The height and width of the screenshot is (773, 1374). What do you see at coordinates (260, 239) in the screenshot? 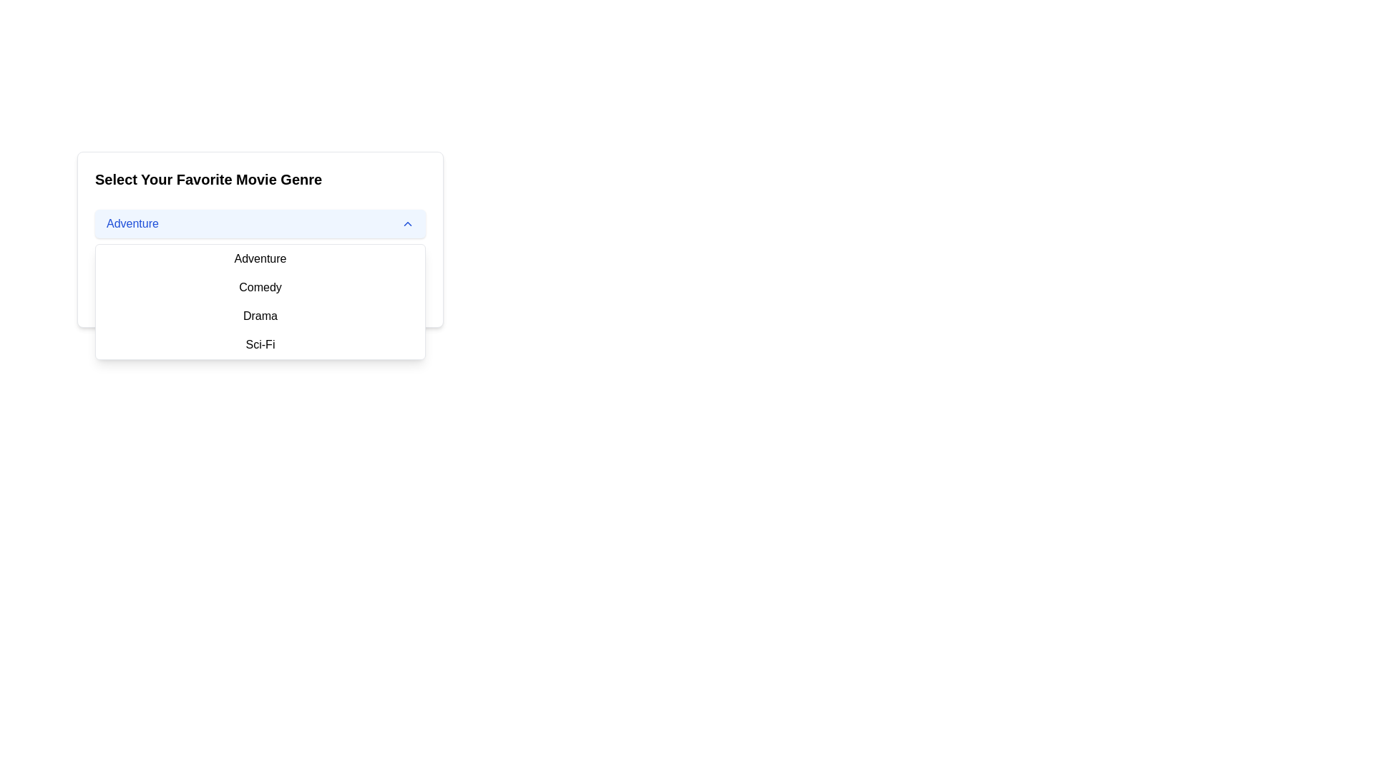
I see `the dropdown menu labeled 'Adventure'` at bounding box center [260, 239].